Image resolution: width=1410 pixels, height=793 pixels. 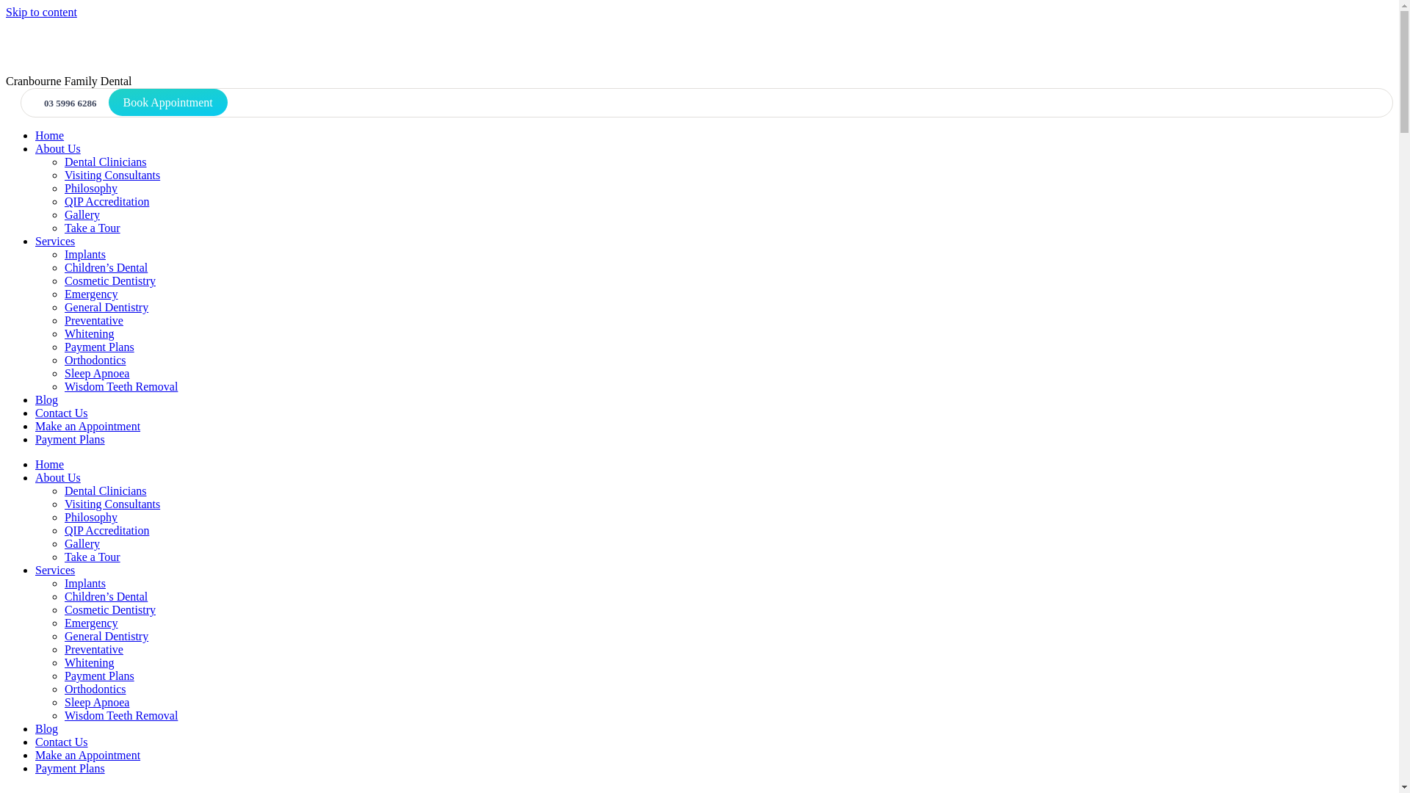 I want to click on 'Preventative', so click(x=93, y=319).